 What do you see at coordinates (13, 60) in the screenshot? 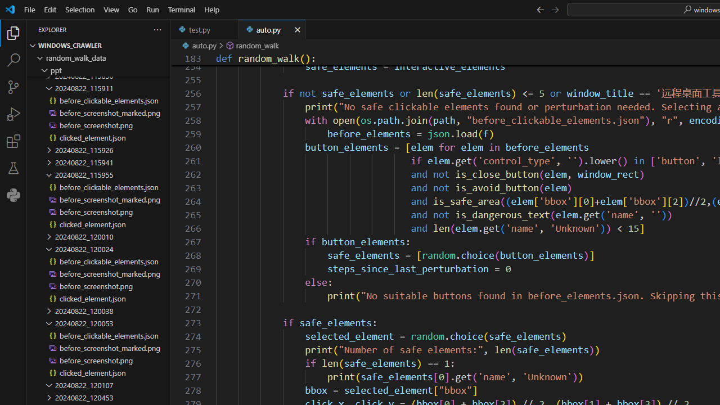
I see `'Search (Ctrl+Shift+F)'` at bounding box center [13, 60].